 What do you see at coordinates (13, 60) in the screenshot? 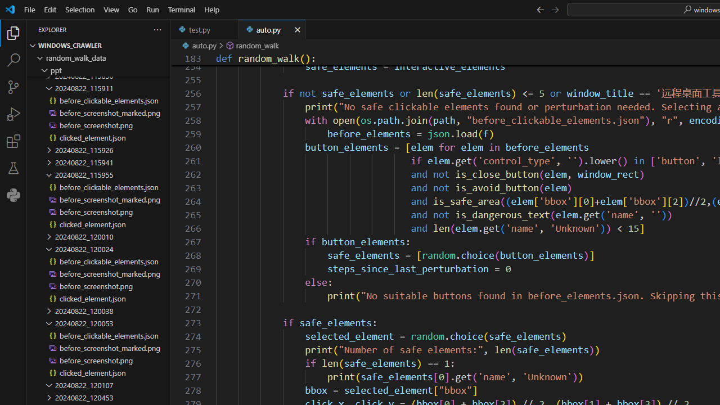
I see `'Search (Ctrl+Shift+F)'` at bounding box center [13, 60].